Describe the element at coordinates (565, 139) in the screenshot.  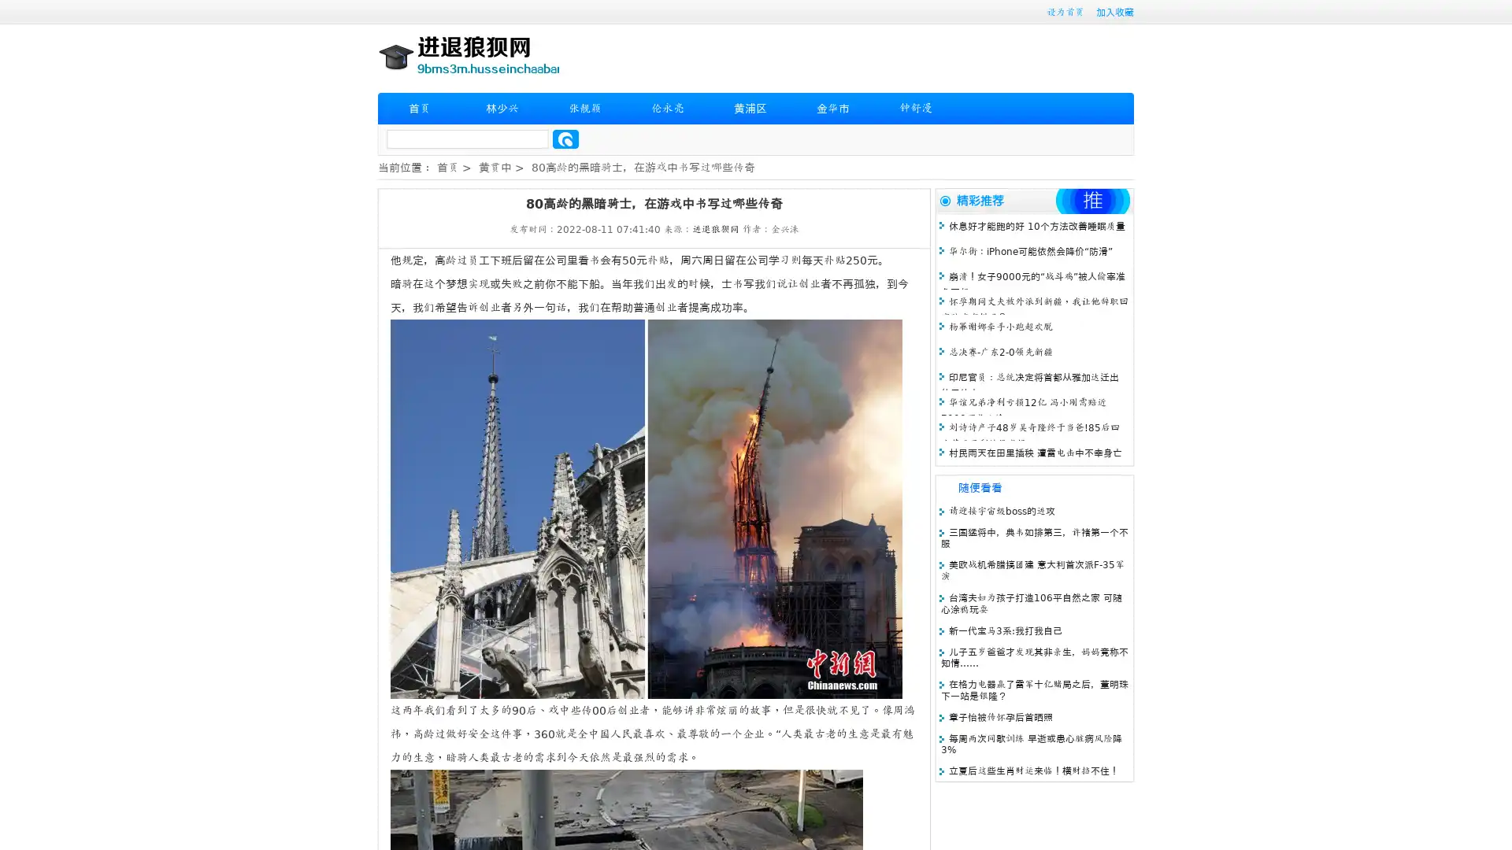
I see `Search` at that location.